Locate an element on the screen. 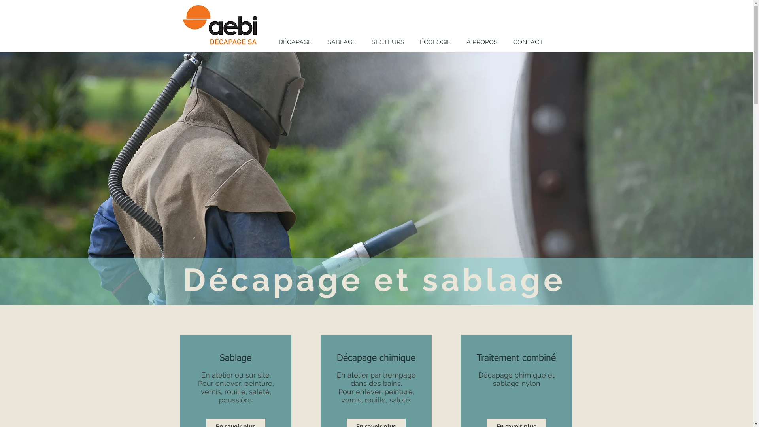 Image resolution: width=759 pixels, height=427 pixels. 'Accueil' is located at coordinates (221, 24).